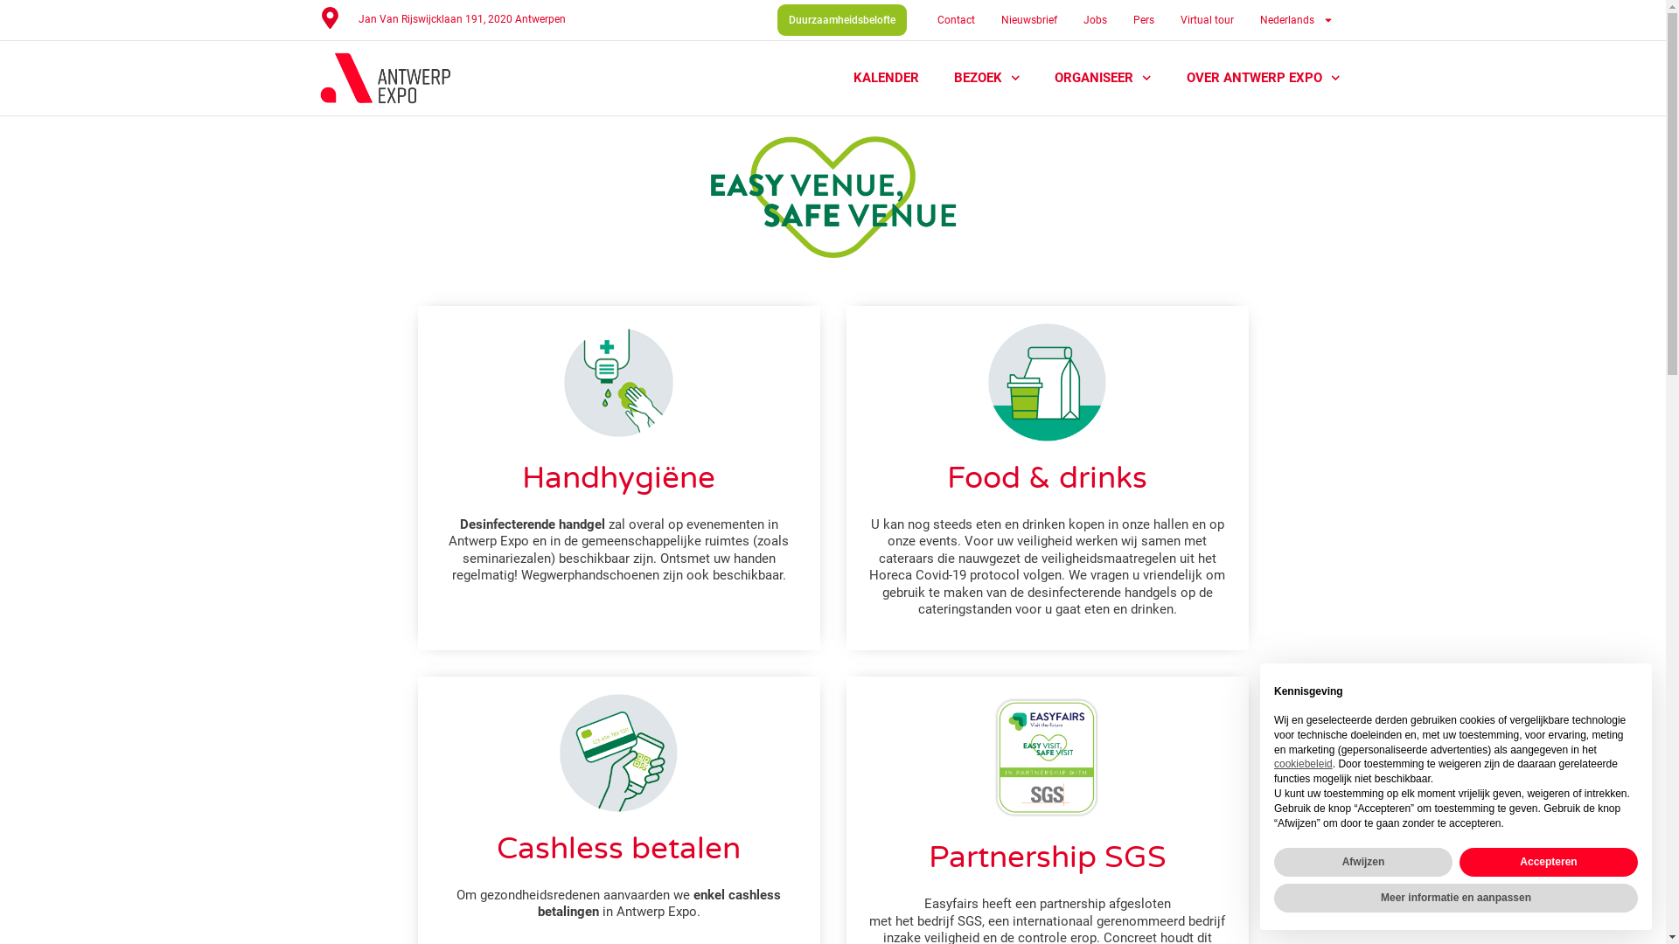 The height and width of the screenshot is (944, 1679). I want to click on 'Nederlands', so click(1297, 20).